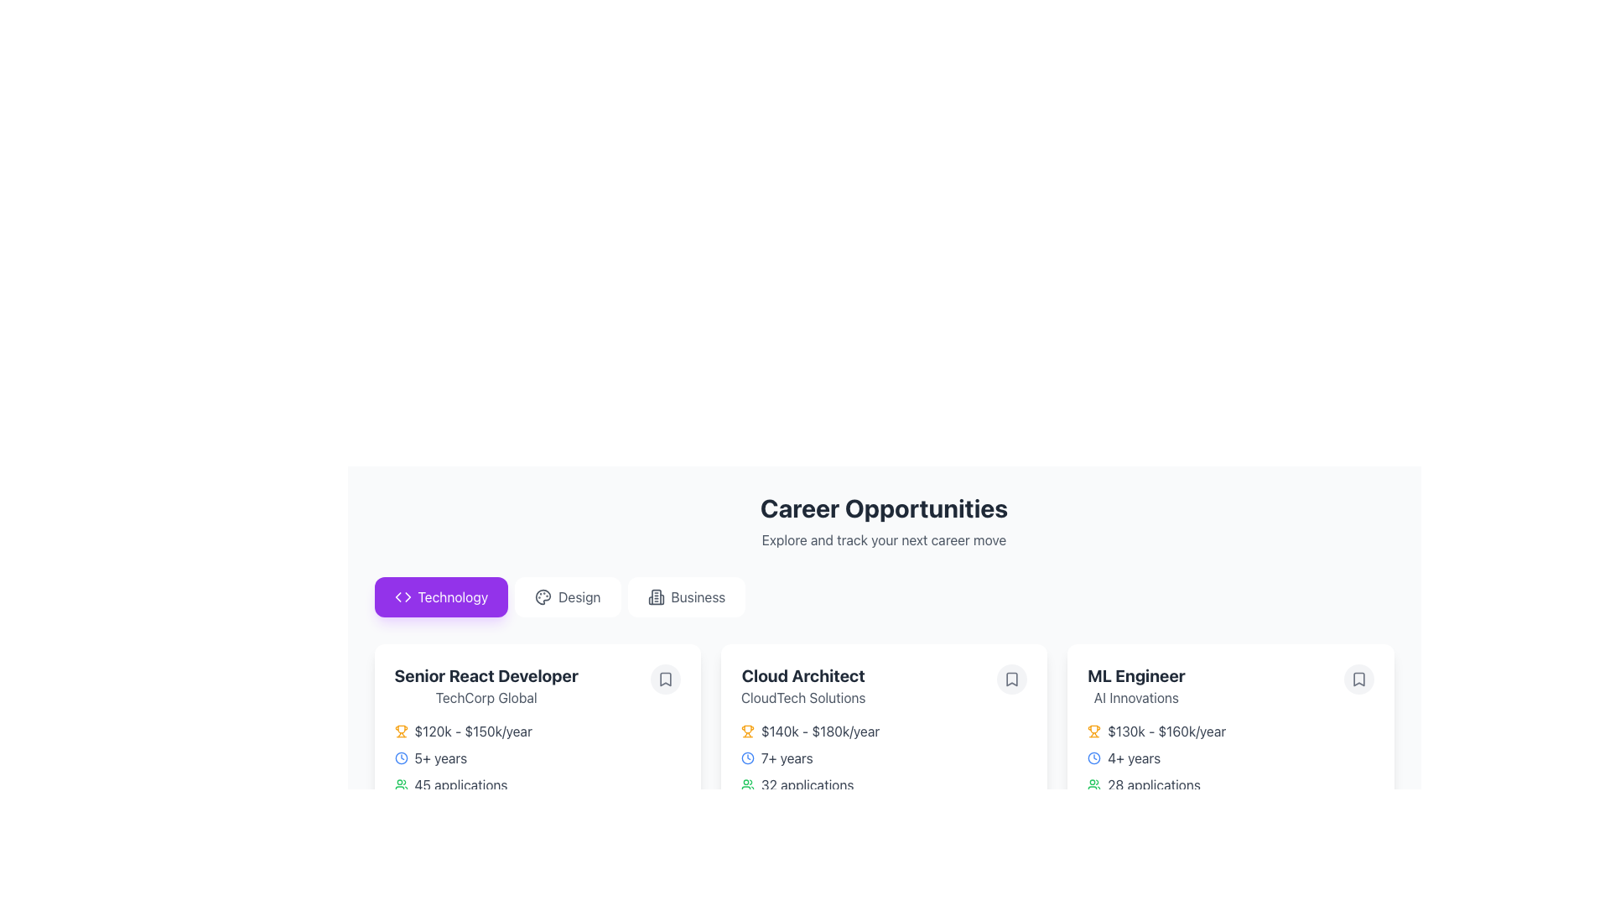 The width and height of the screenshot is (1610, 906). Describe the element at coordinates (400, 758) in the screenshot. I see `the time duration icon located to the left of the '5+ years' text in the 'Senior React Developer' section under 'Technology'` at that location.